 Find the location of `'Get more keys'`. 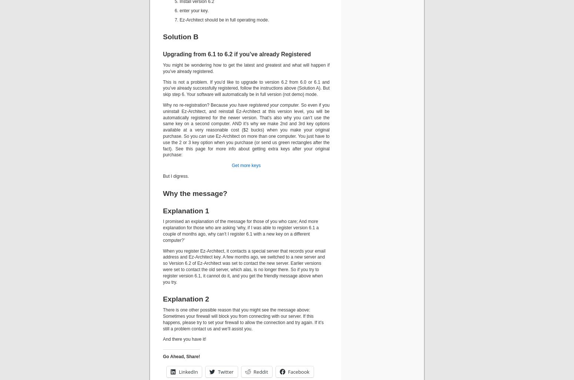

'Get more keys' is located at coordinates (246, 166).